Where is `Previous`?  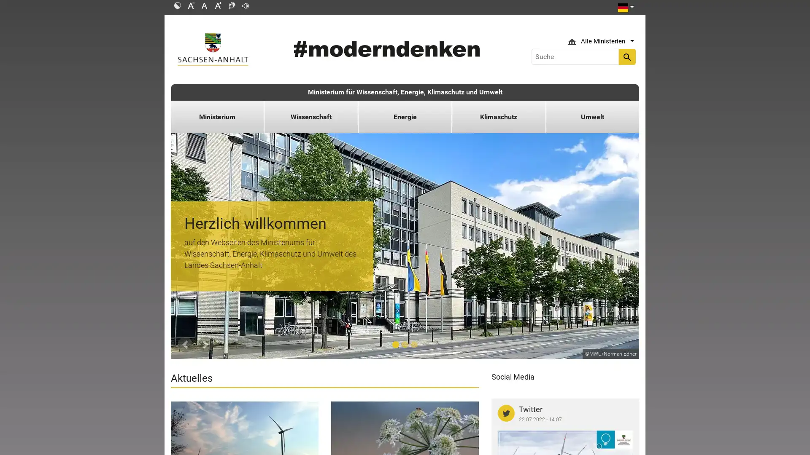 Previous is located at coordinates (184, 344).